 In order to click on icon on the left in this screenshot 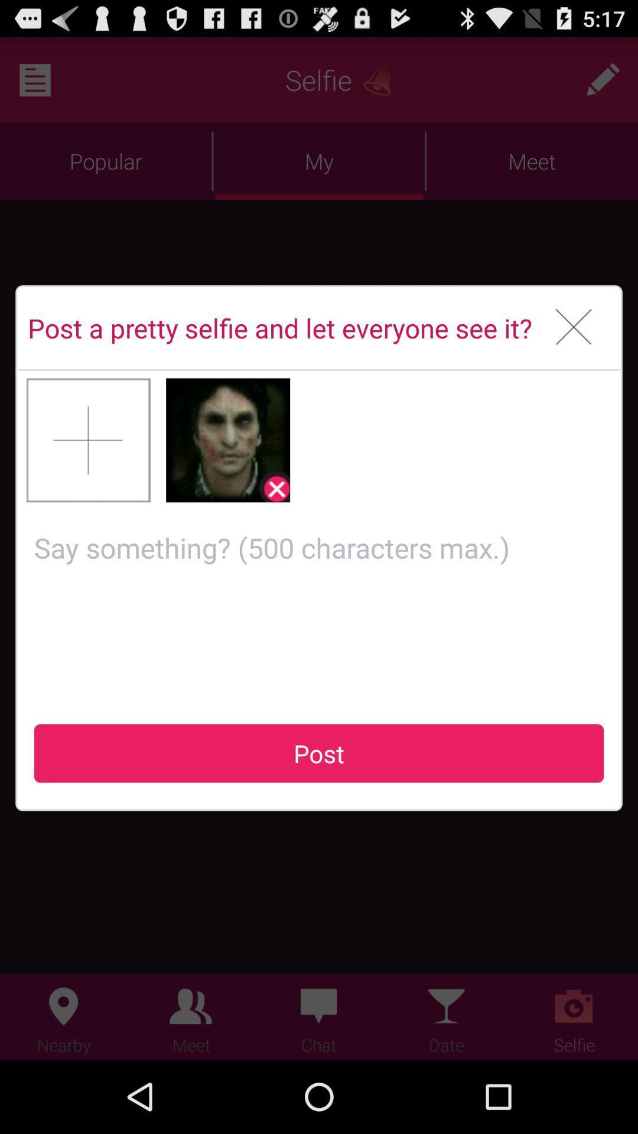, I will do `click(88, 439)`.